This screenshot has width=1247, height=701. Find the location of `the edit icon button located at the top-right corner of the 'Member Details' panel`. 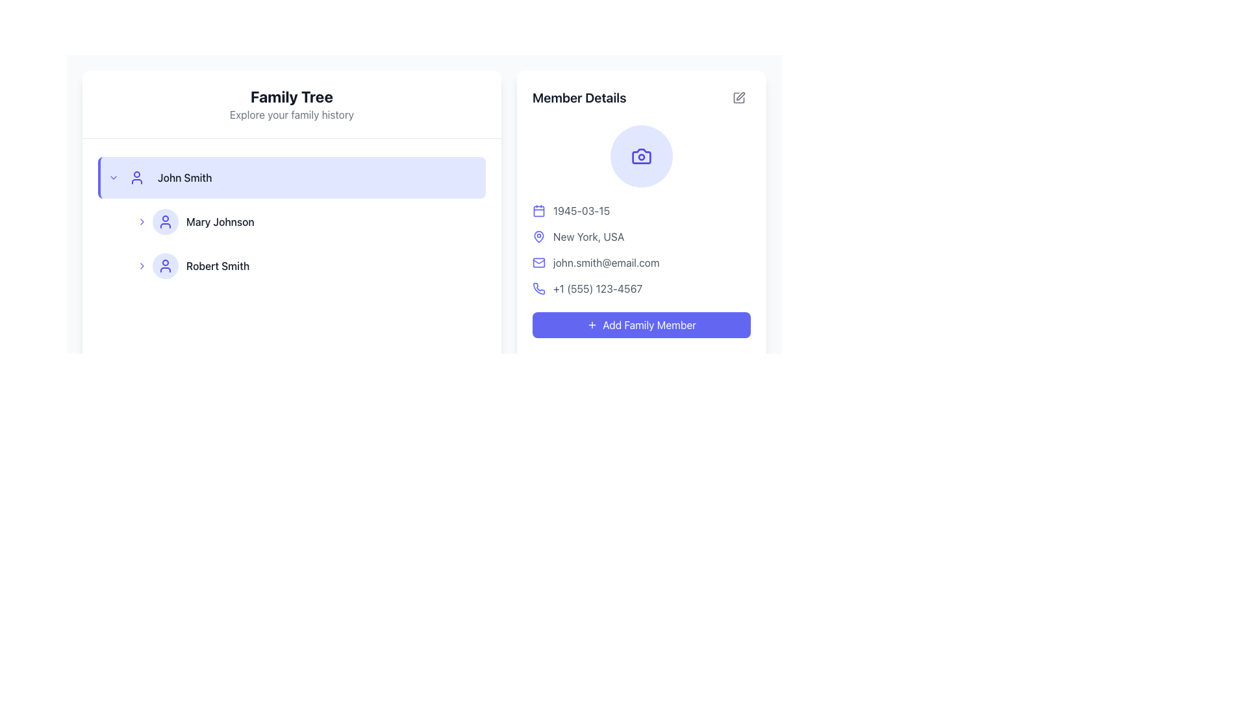

the edit icon button located at the top-right corner of the 'Member Details' panel is located at coordinates (738, 97).